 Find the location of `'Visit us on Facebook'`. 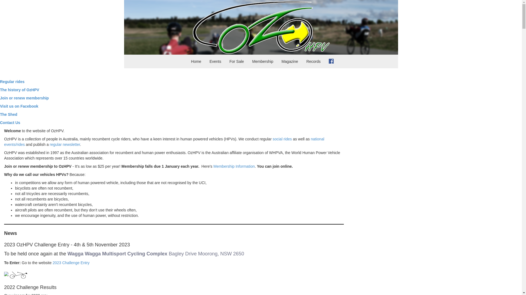

'Visit us on Facebook' is located at coordinates (19, 106).